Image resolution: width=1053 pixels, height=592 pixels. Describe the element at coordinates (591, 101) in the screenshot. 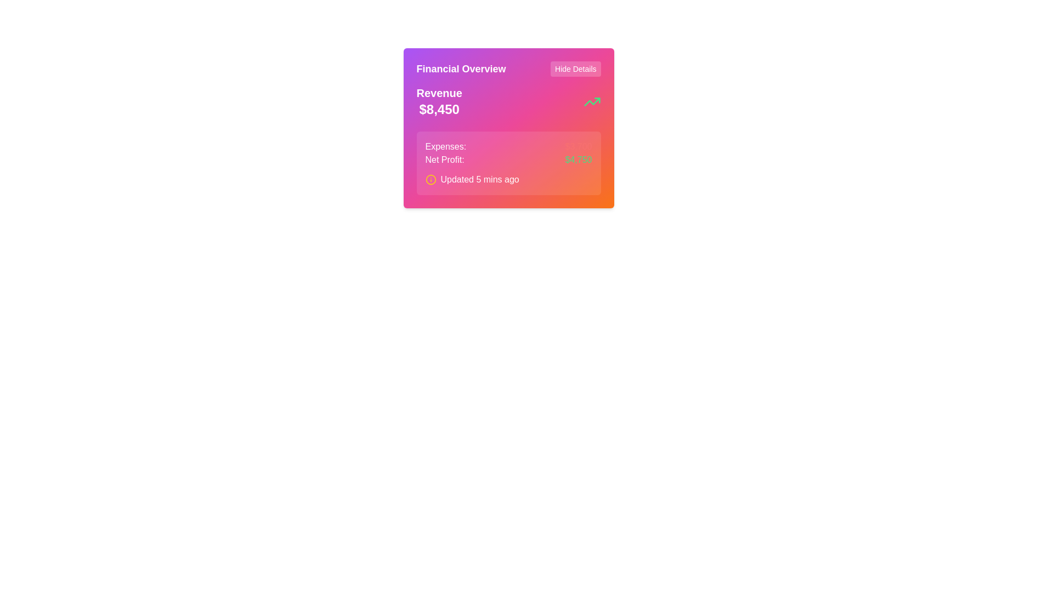

I see `green upward trending arrow SVG icon located in the top-right corner of the 'Financial Overview' widget using developer tools` at that location.